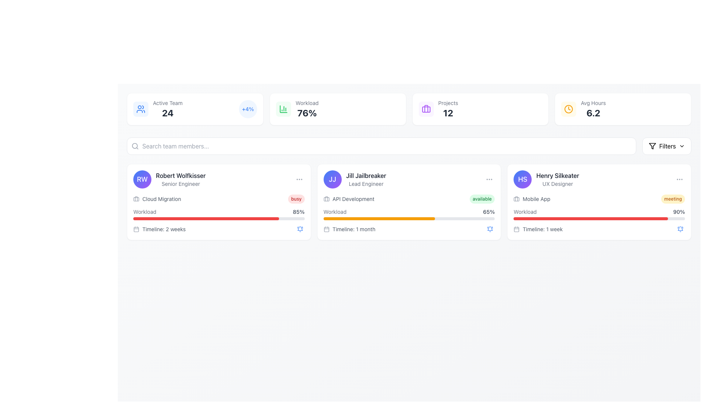  Describe the element at coordinates (524, 212) in the screenshot. I see `text label displaying 'Workload' located in the bottom section of the card for 'Henry Silkeater', positioned to the left of the progress bar showing '90%'` at that location.